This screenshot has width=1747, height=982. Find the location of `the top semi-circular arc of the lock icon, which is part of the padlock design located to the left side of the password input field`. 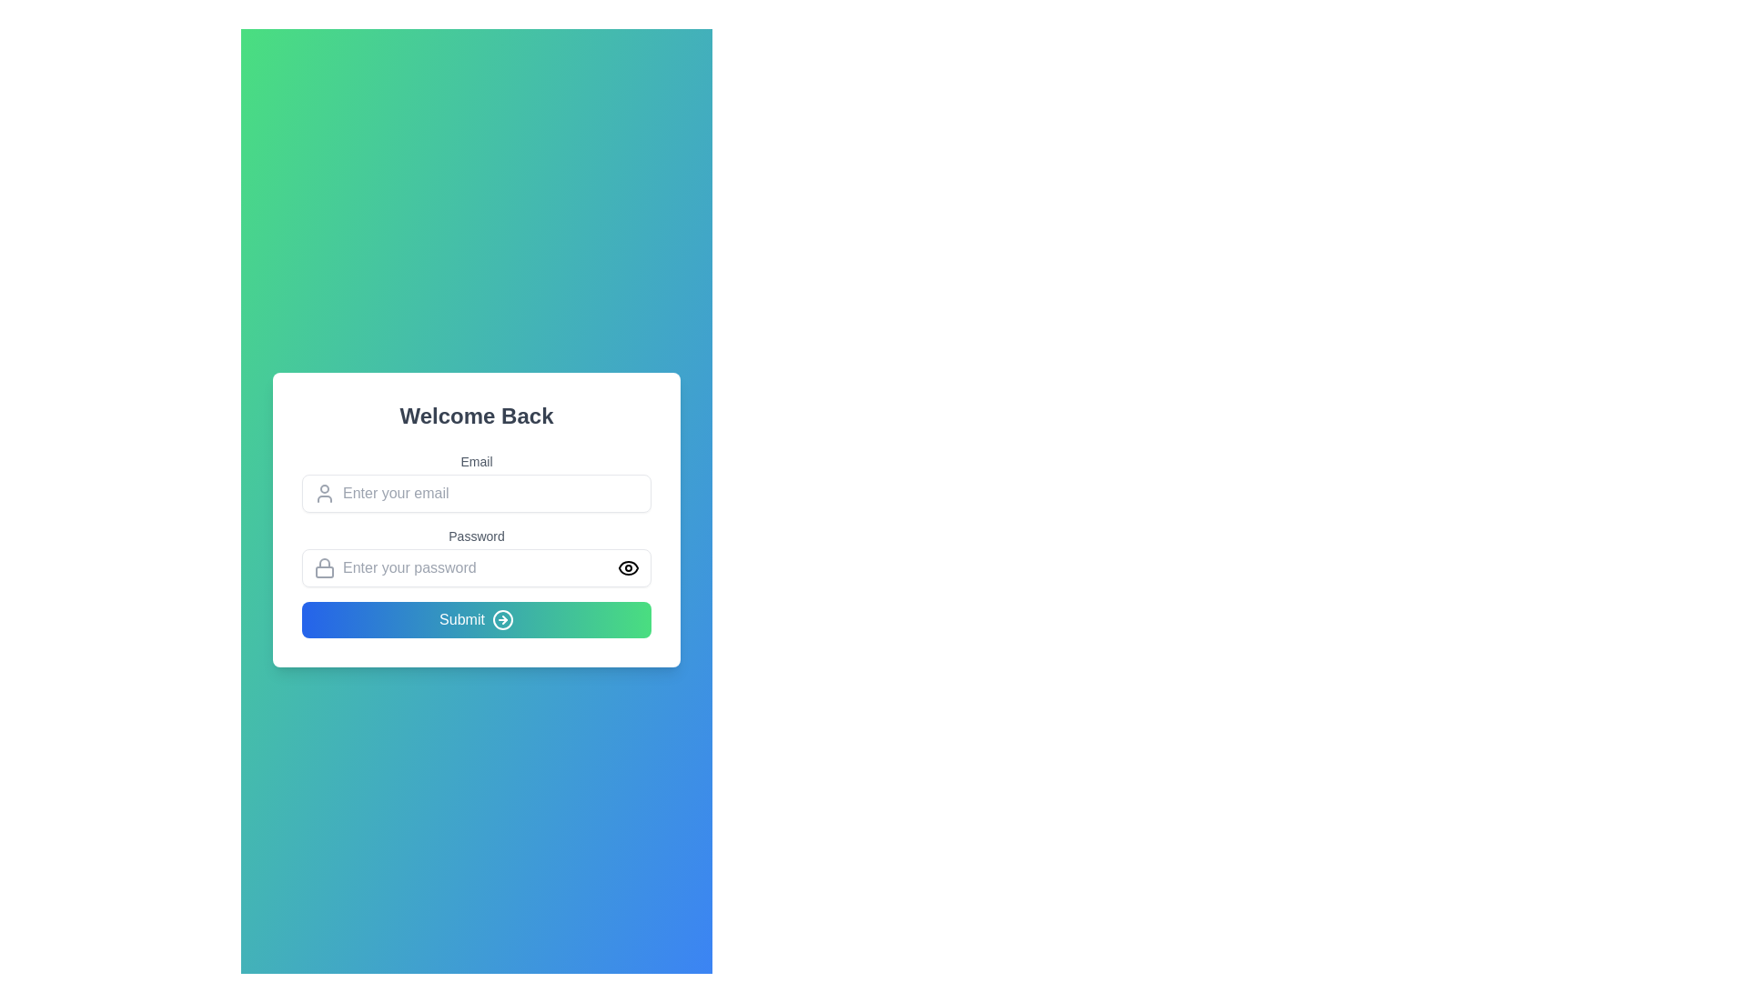

the top semi-circular arc of the lock icon, which is part of the padlock design located to the left side of the password input field is located at coordinates (324, 562).